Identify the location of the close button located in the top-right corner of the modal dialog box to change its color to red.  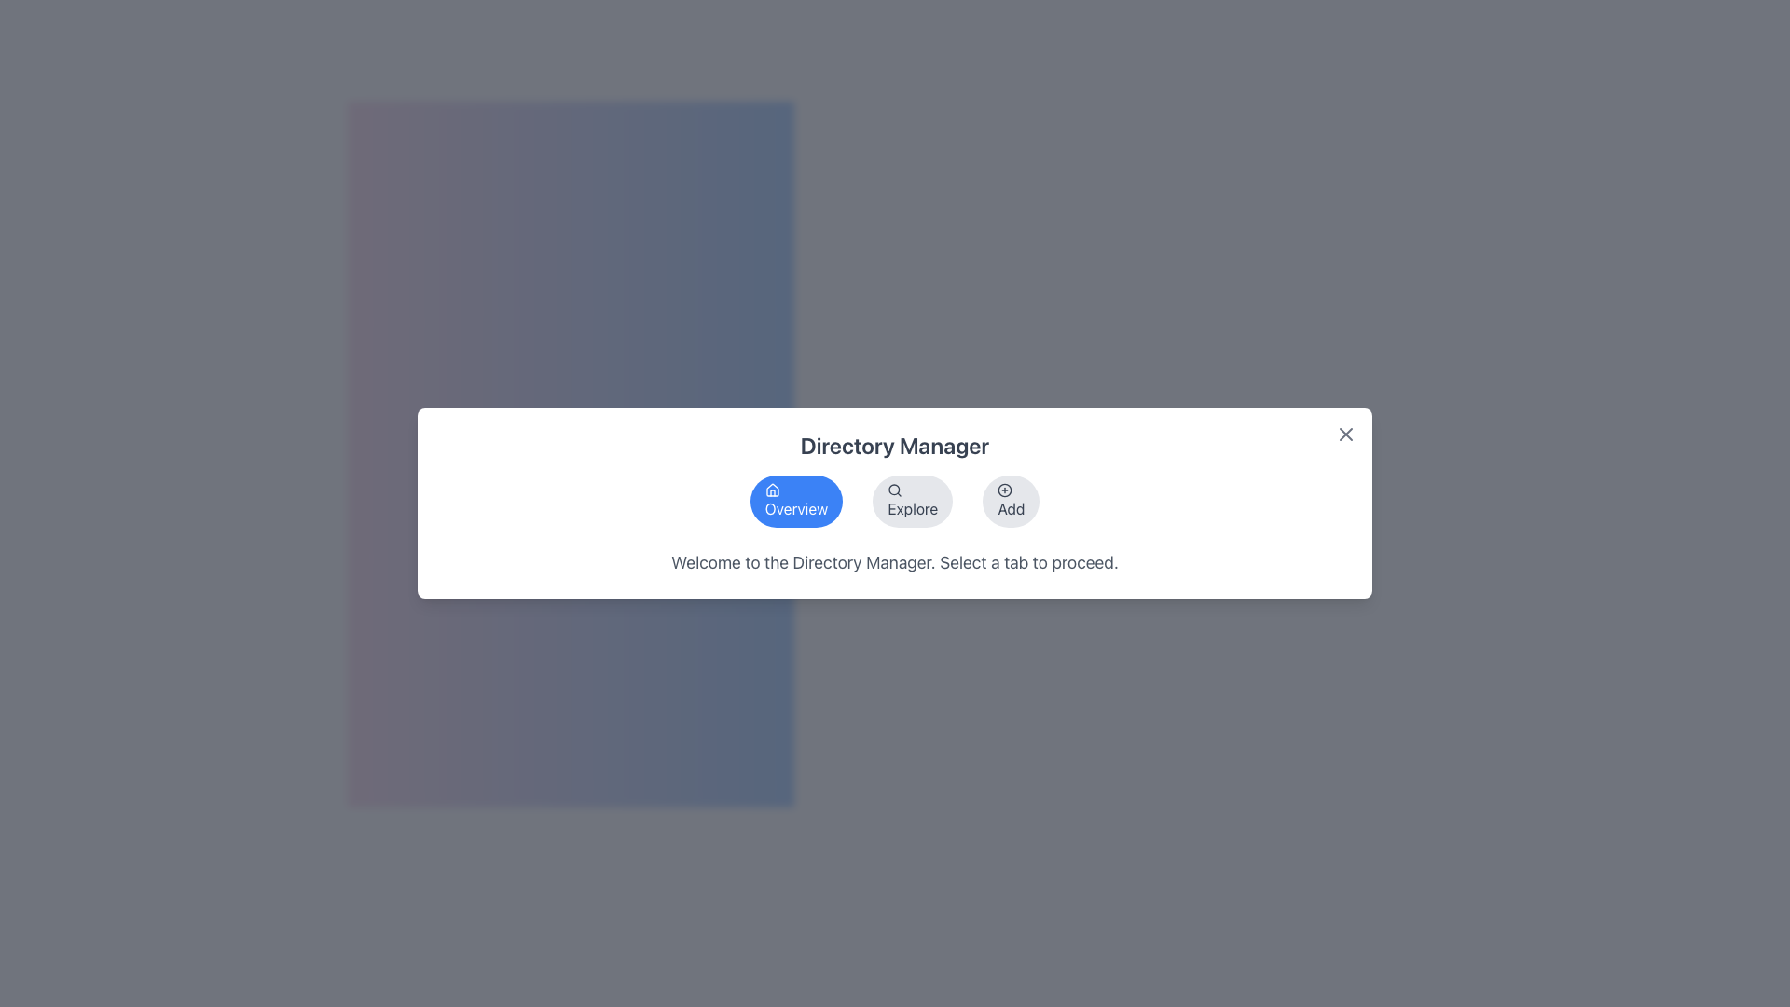
(1346, 435).